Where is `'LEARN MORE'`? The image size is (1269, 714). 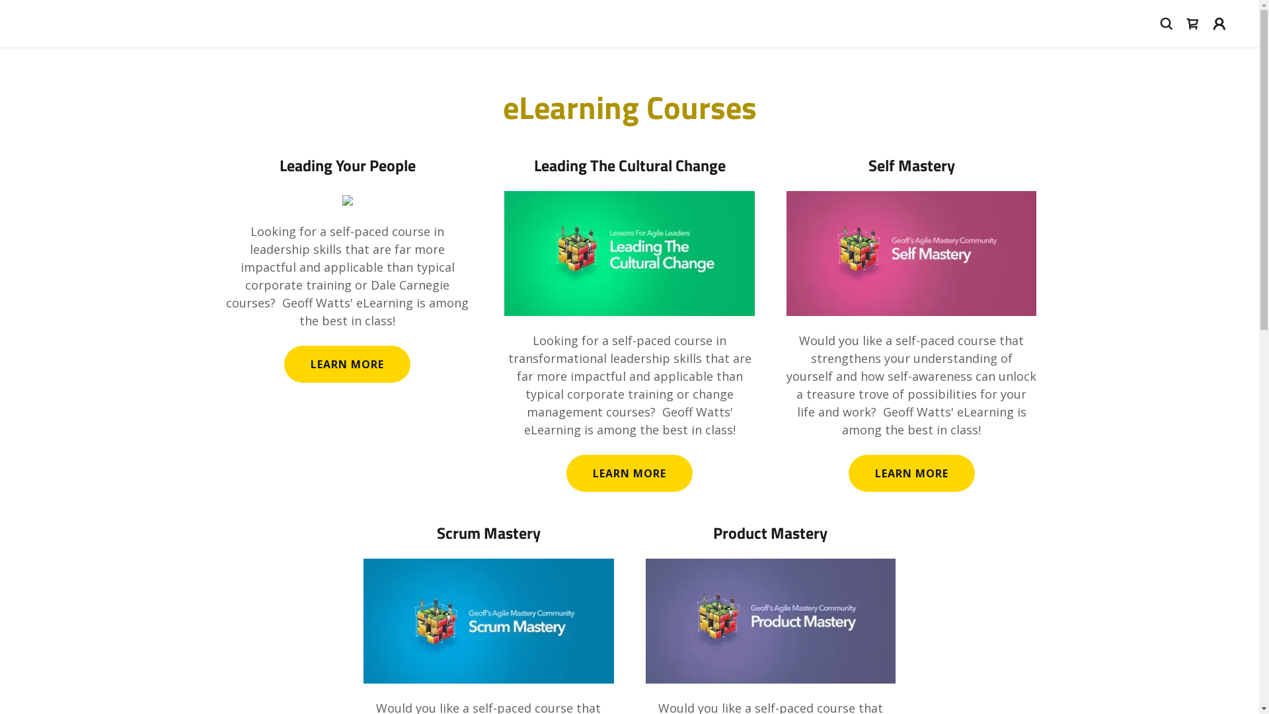 'LEARN MORE' is located at coordinates (911, 473).